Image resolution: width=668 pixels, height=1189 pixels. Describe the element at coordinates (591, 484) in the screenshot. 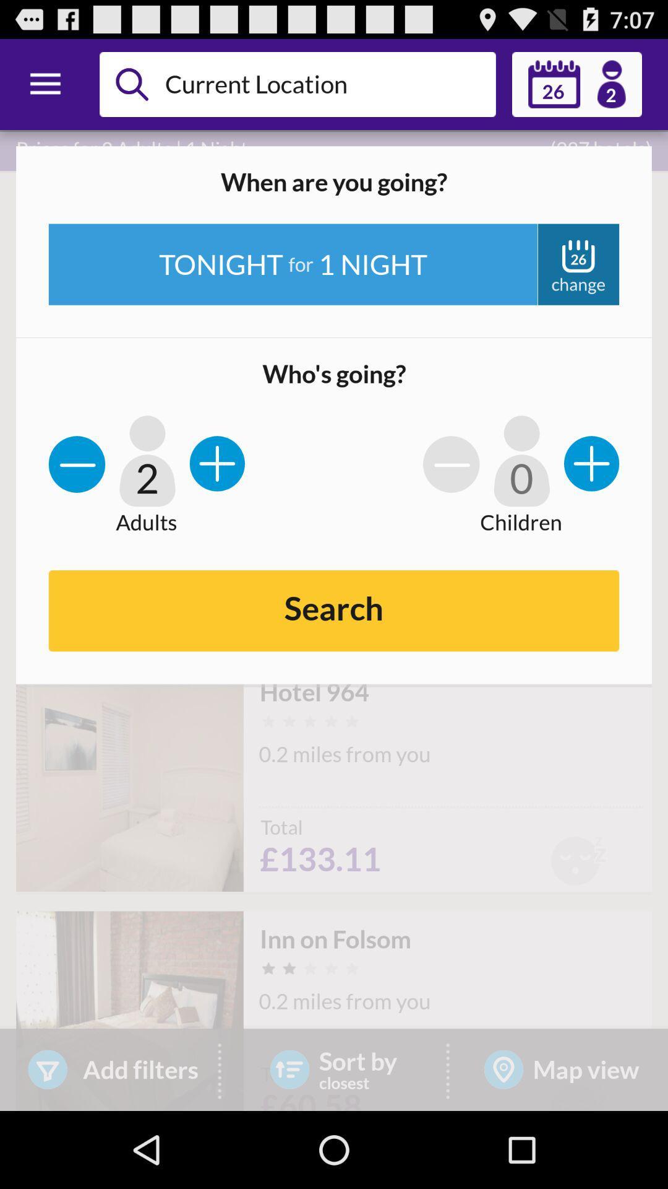

I see `the add icon` at that location.